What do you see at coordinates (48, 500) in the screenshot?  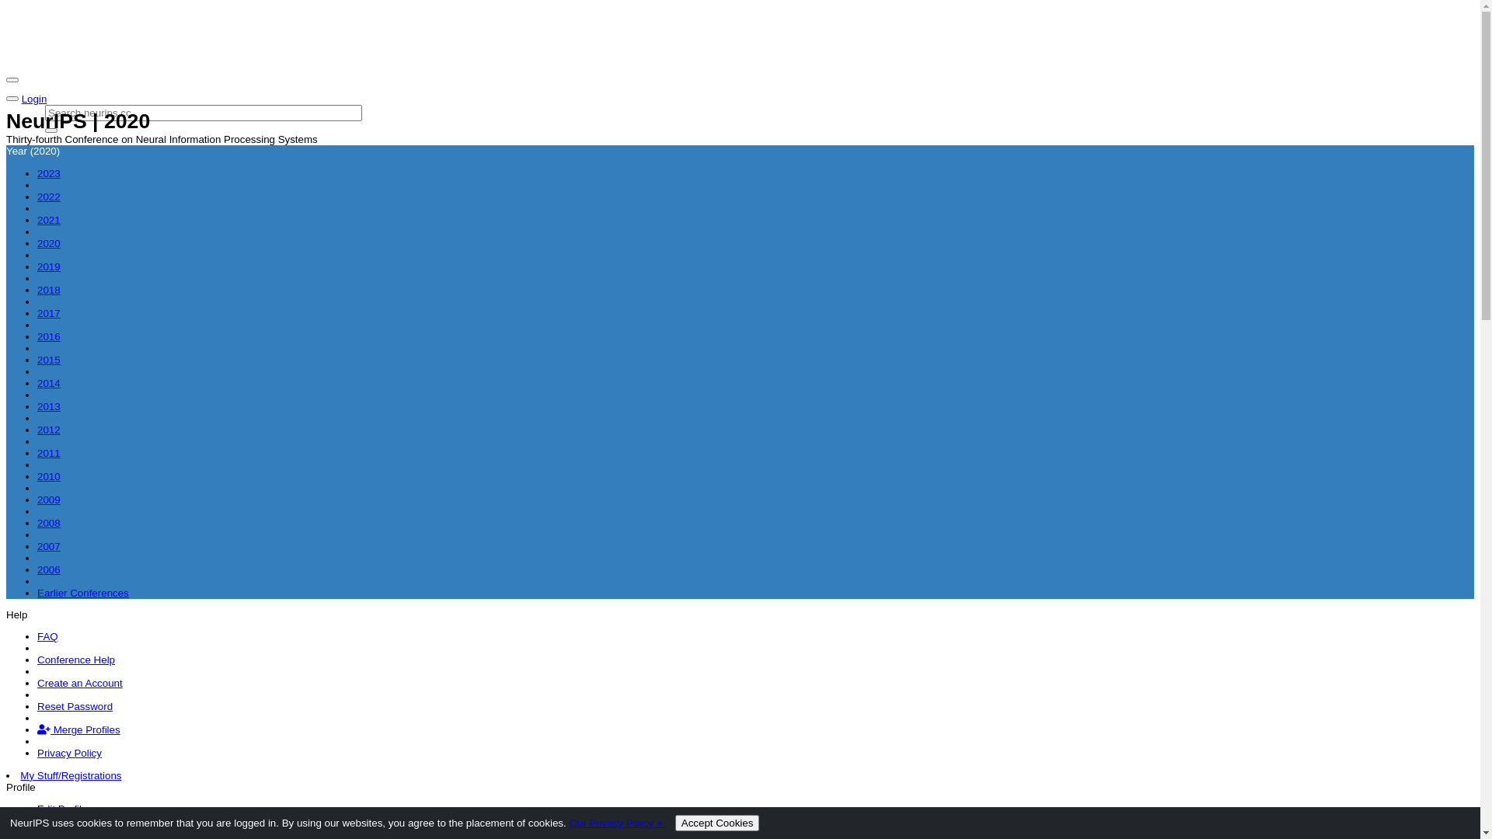 I see `'2009'` at bounding box center [48, 500].